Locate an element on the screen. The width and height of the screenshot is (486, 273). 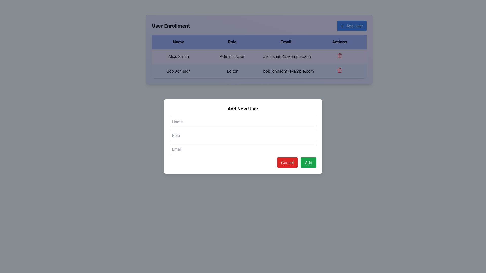
the 'Add' button with a green background in the bottom-right section of the 'Add New User' modal dialog is located at coordinates (308, 163).